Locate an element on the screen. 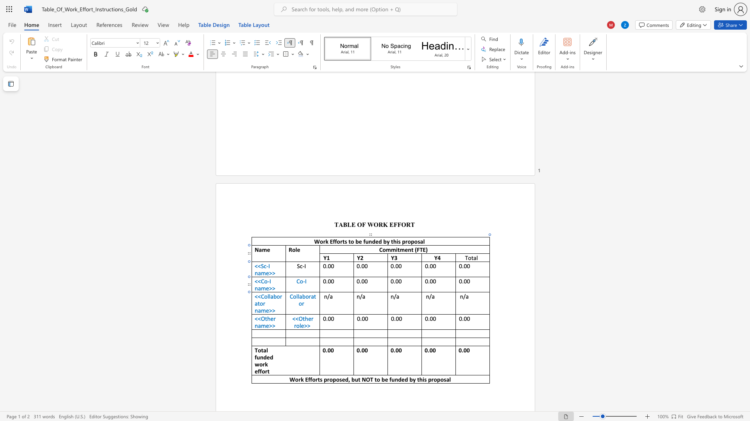  the 2th character "e" in the text is located at coordinates (302, 325).